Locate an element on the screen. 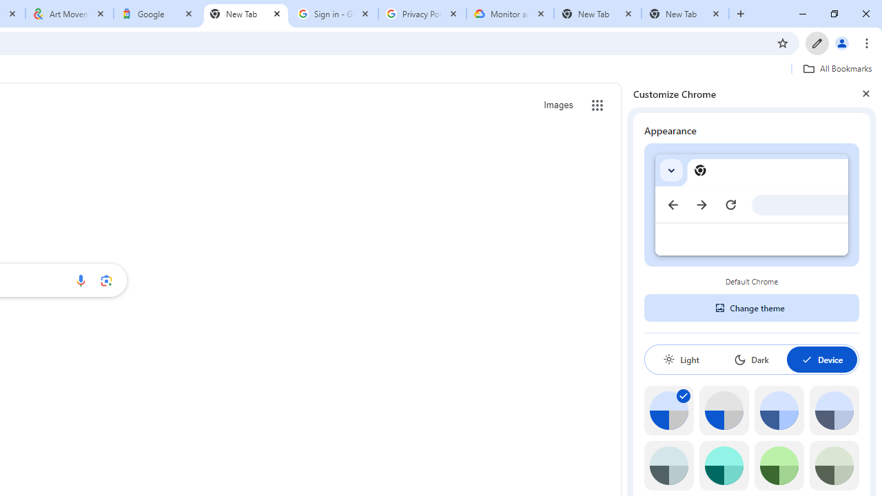 This screenshot has height=496, width=882. 'Google' is located at coordinates (158, 14).